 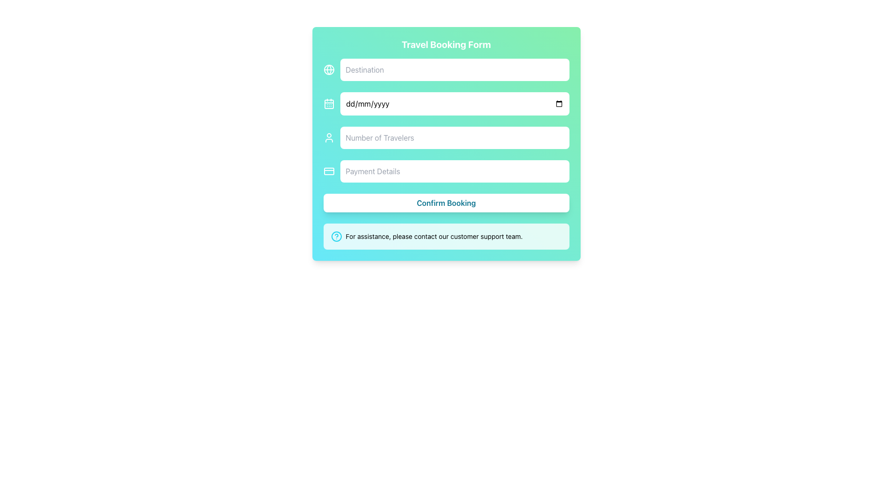 I want to click on the globe icon that visually represents the destination input field, located to the left of the 'Destination' input field in the upper section of the form, so click(x=329, y=69).